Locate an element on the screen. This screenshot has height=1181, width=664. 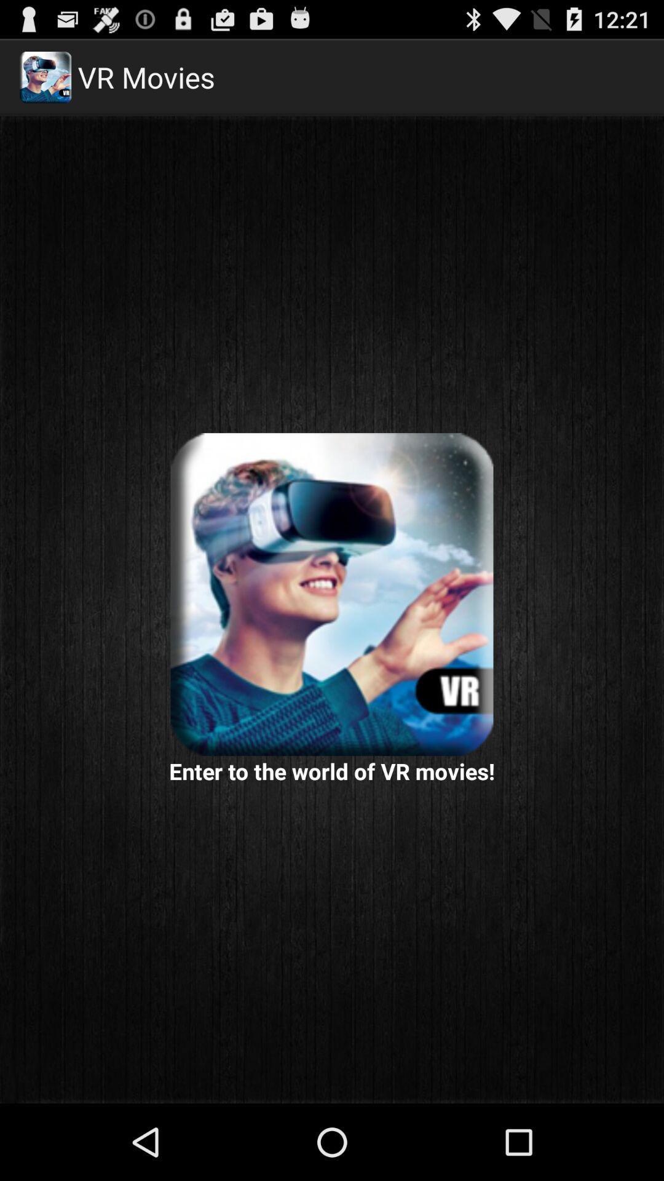
app above the enter to the item is located at coordinates (332, 594).